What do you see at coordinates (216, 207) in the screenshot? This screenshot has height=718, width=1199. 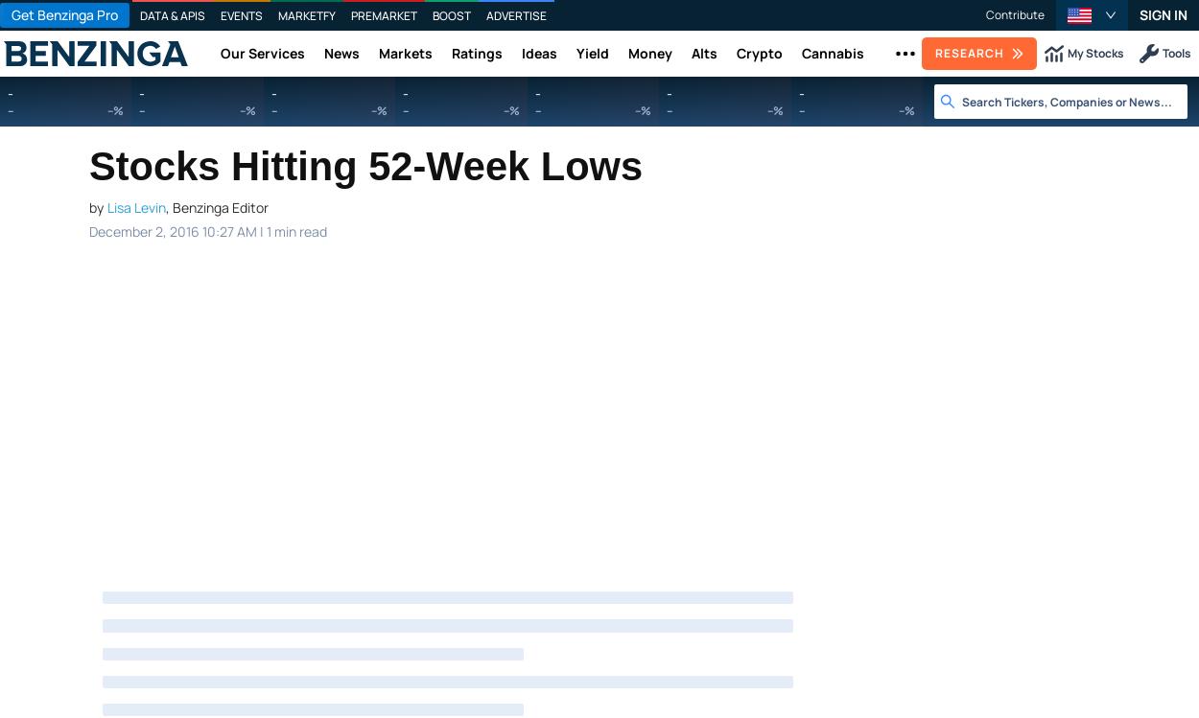 I see `', Benzinga Editor'` at bounding box center [216, 207].